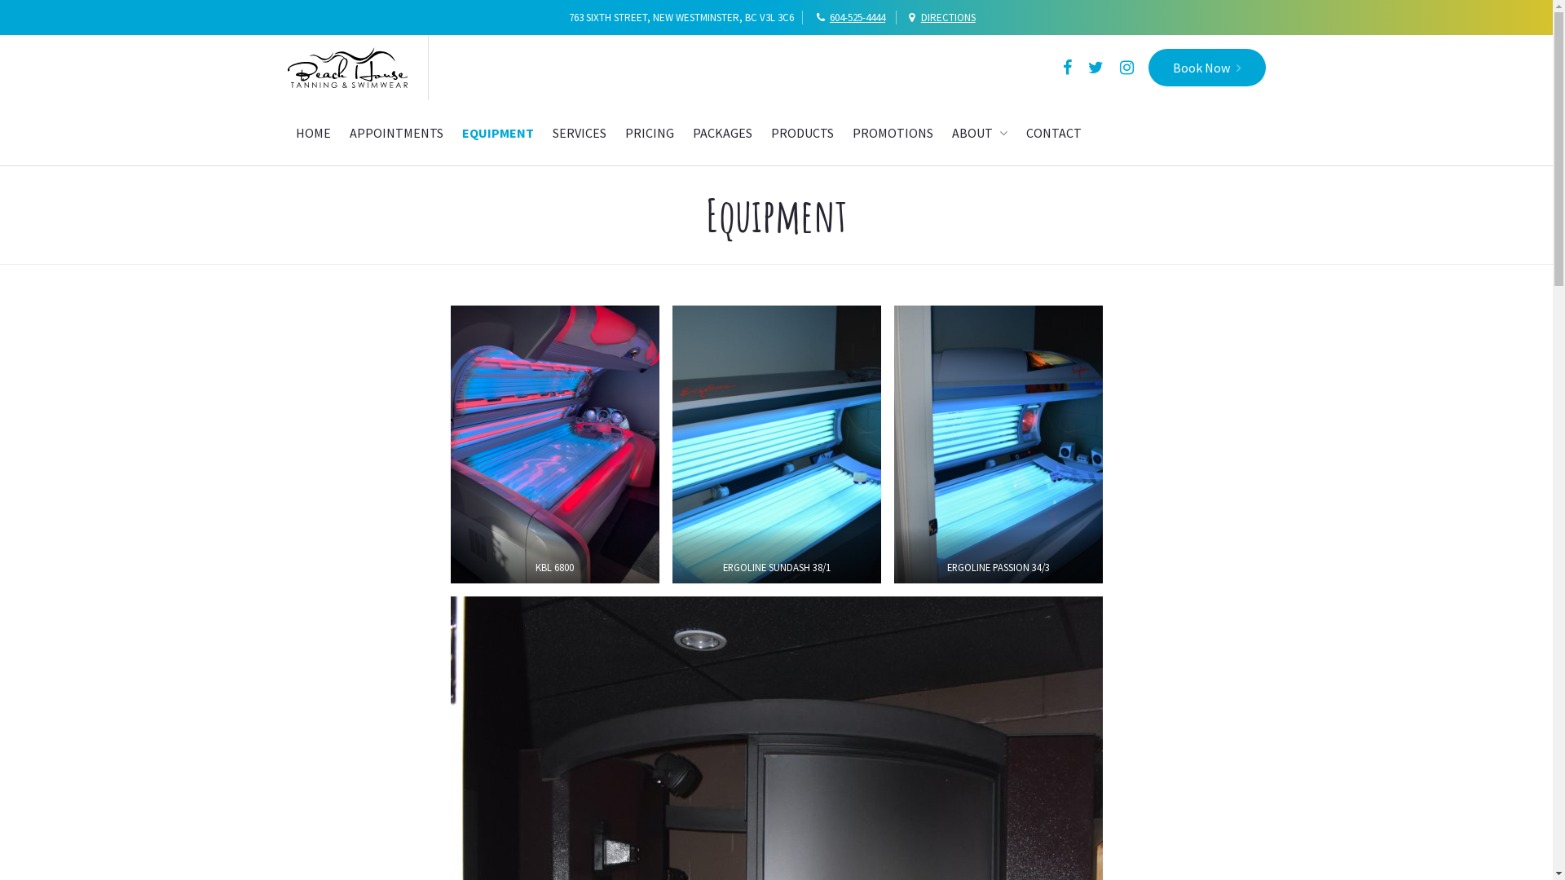 The height and width of the screenshot is (880, 1565). What do you see at coordinates (920, 17) in the screenshot?
I see `'DIRECTIONS'` at bounding box center [920, 17].